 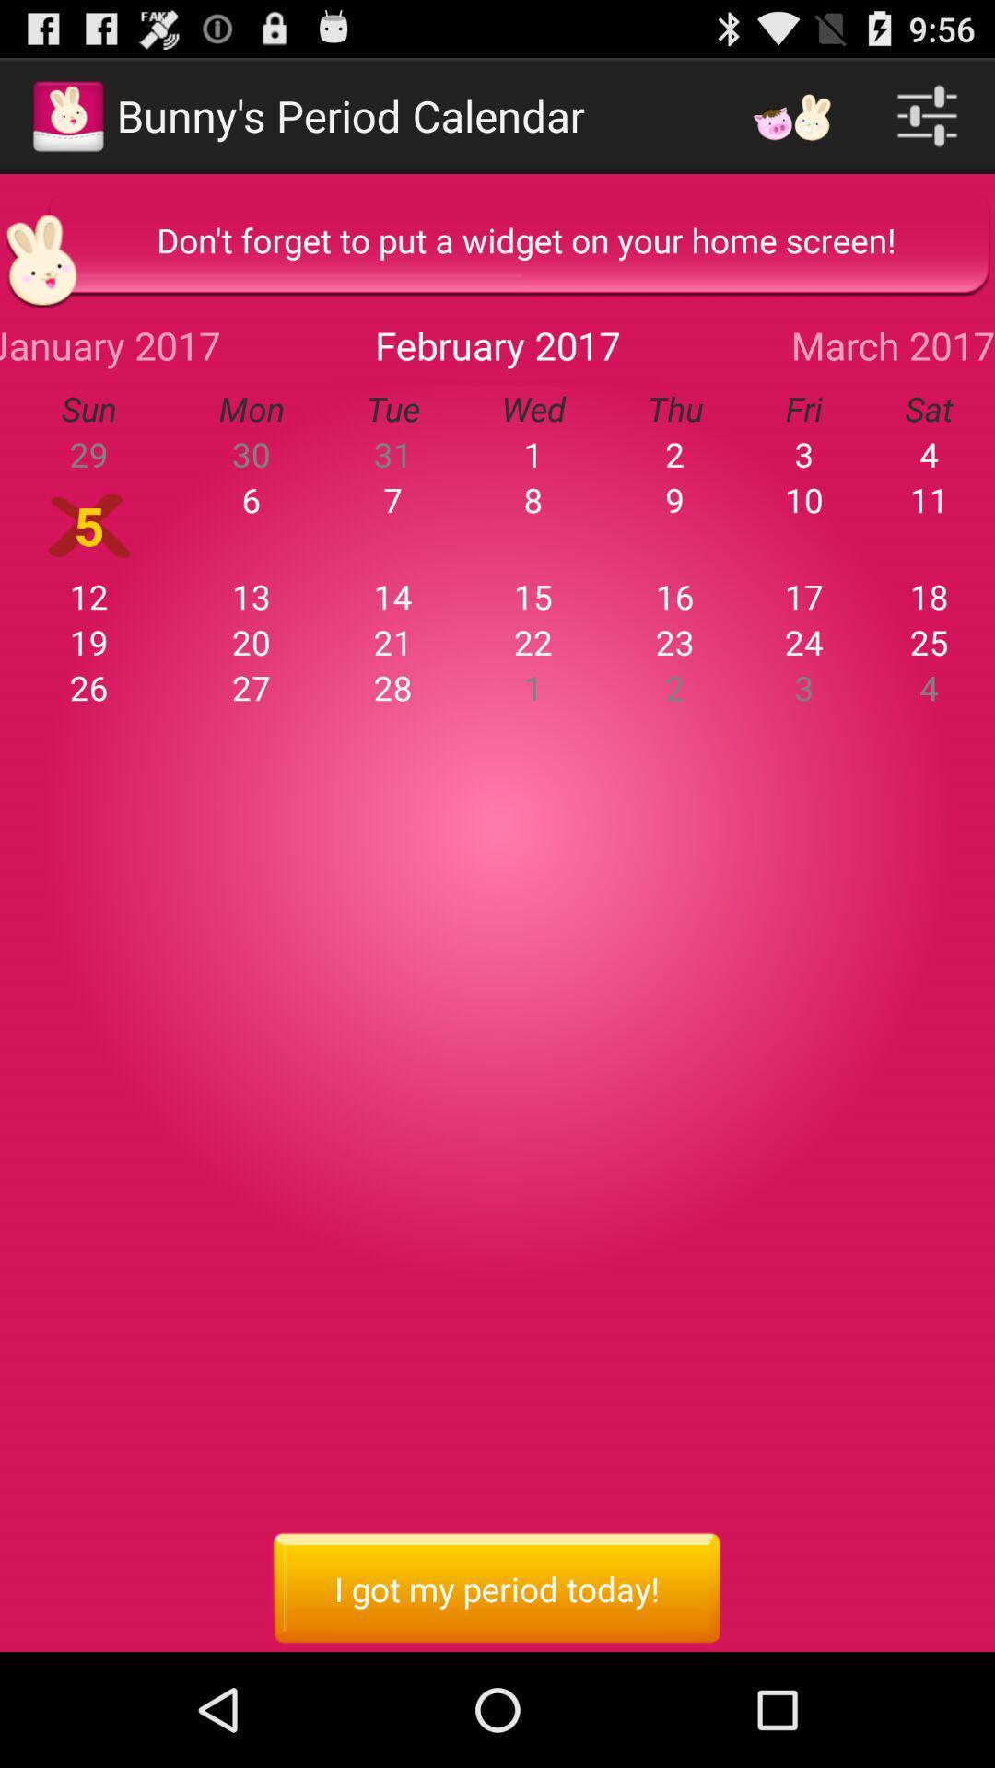 What do you see at coordinates (392, 642) in the screenshot?
I see `21` at bounding box center [392, 642].